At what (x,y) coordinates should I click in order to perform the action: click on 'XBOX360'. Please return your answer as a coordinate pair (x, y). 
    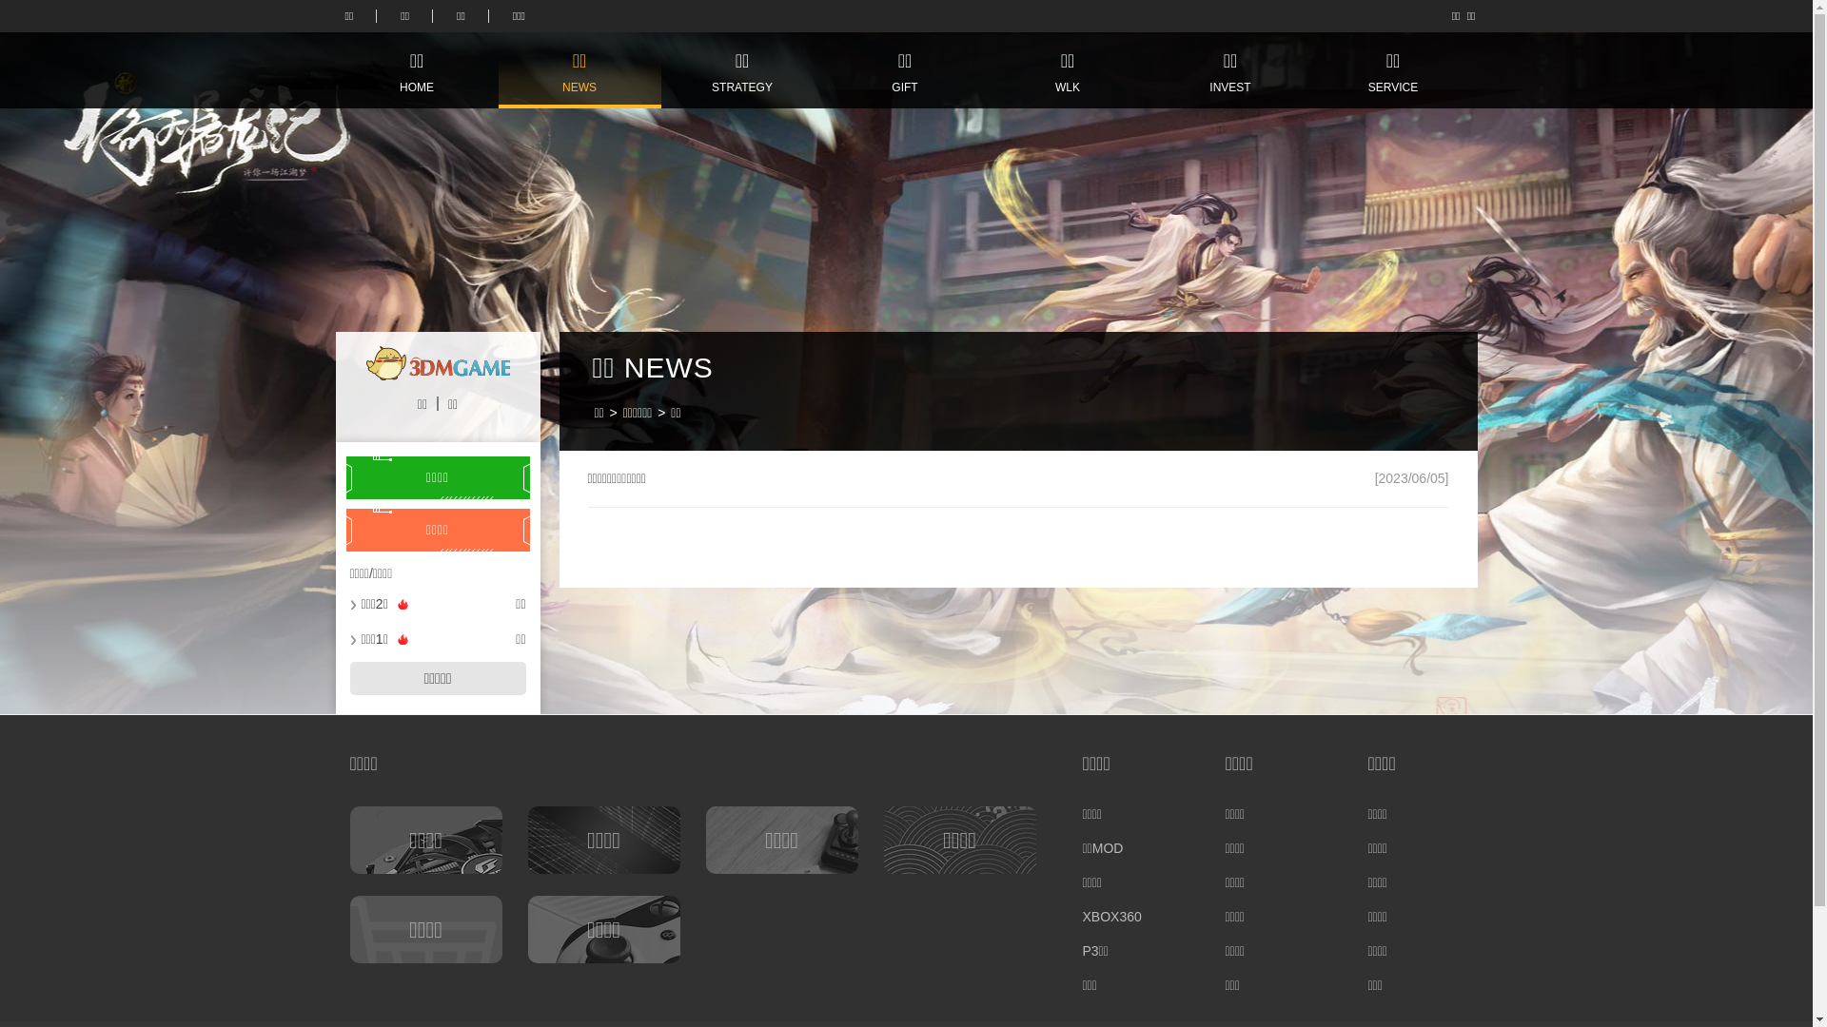
    Looking at the image, I should click on (1082, 916).